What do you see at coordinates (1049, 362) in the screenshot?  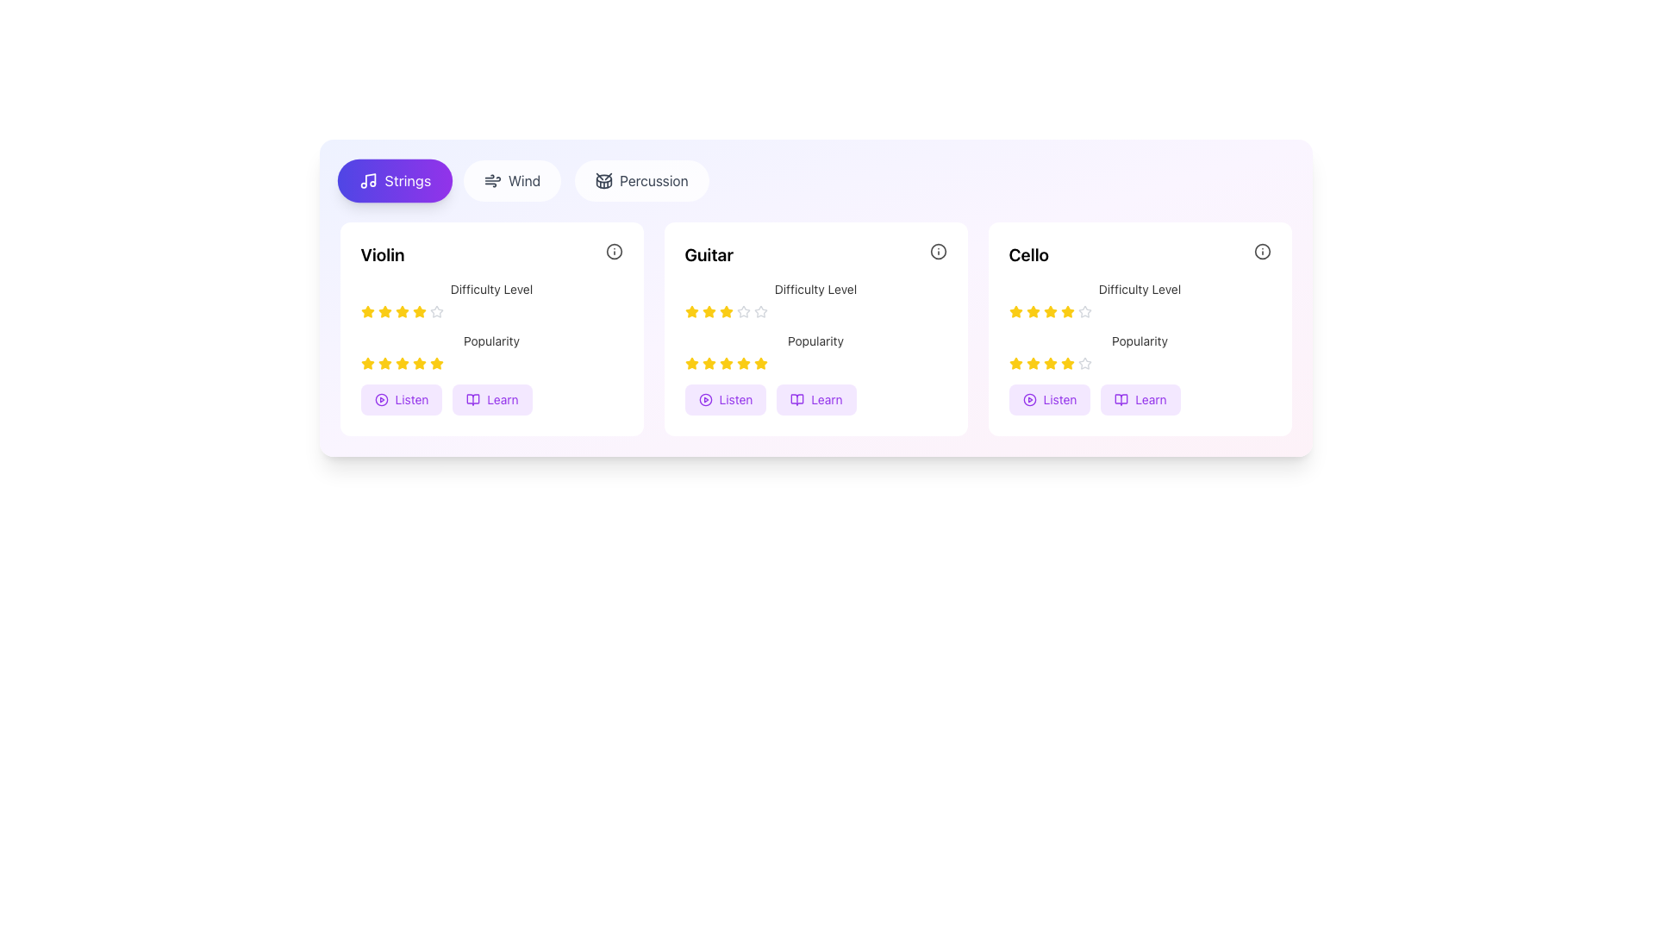 I see `the fourth star icon` at bounding box center [1049, 362].